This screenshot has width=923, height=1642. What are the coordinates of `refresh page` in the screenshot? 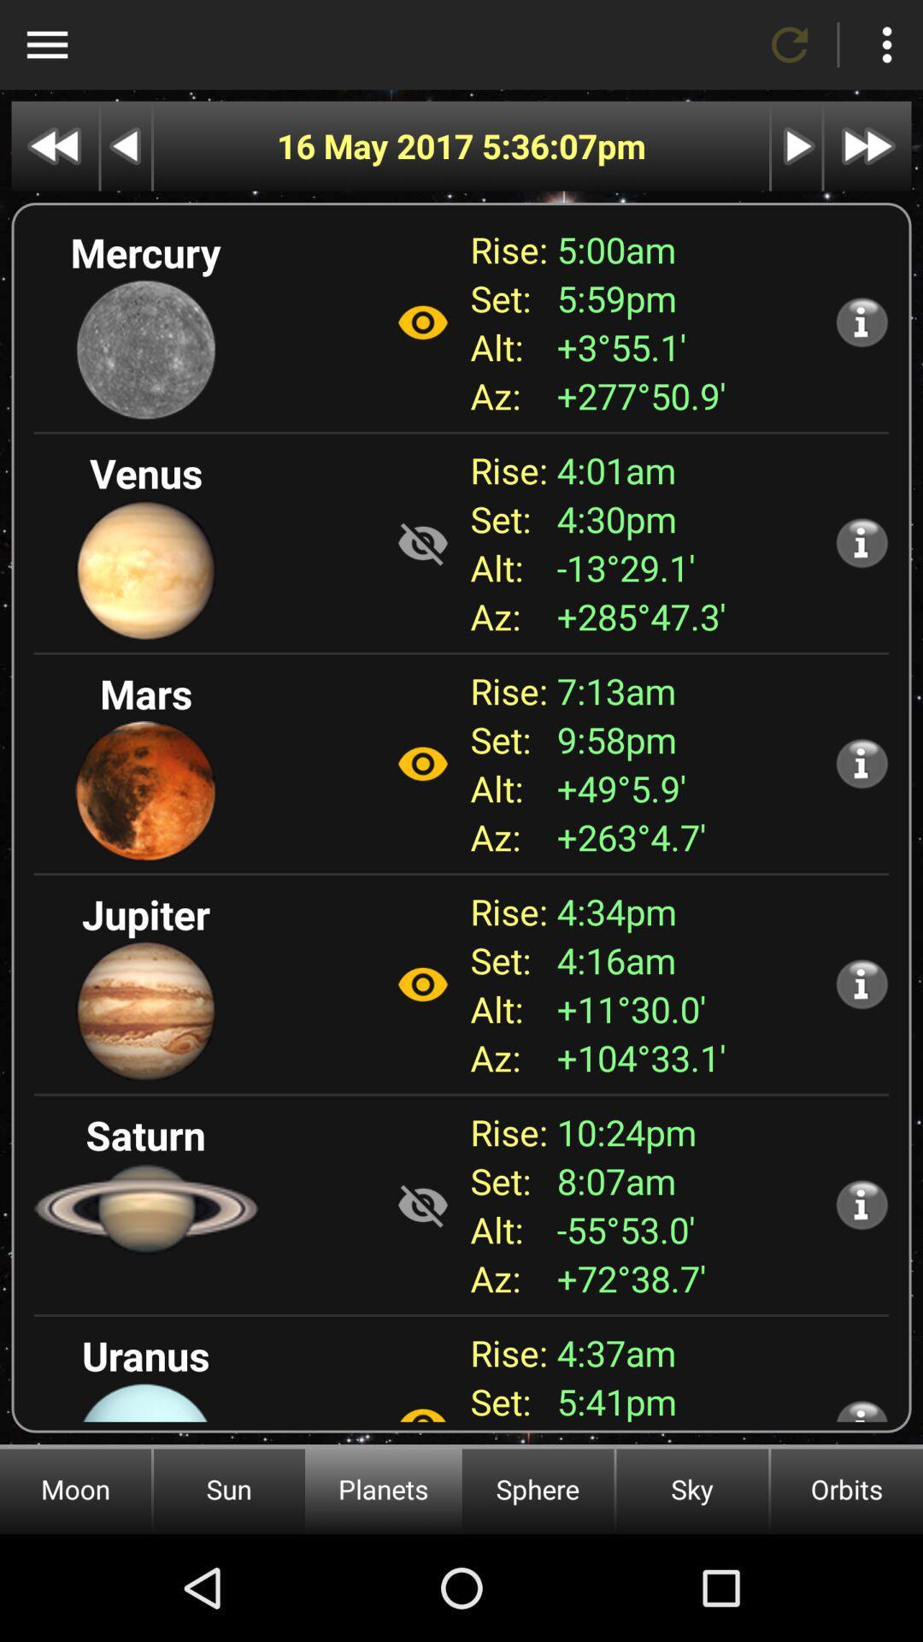 It's located at (790, 44).